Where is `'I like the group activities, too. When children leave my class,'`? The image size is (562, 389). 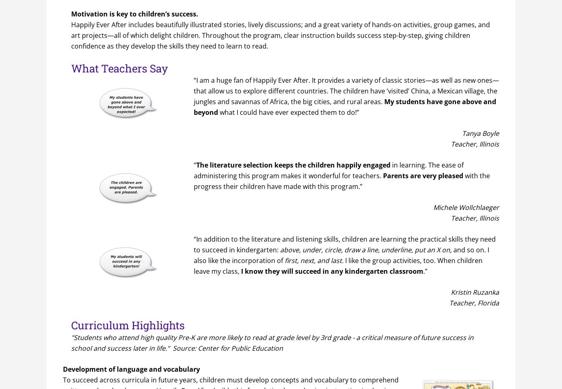 'I like the group activities, too. When children leave my class,' is located at coordinates (338, 266).